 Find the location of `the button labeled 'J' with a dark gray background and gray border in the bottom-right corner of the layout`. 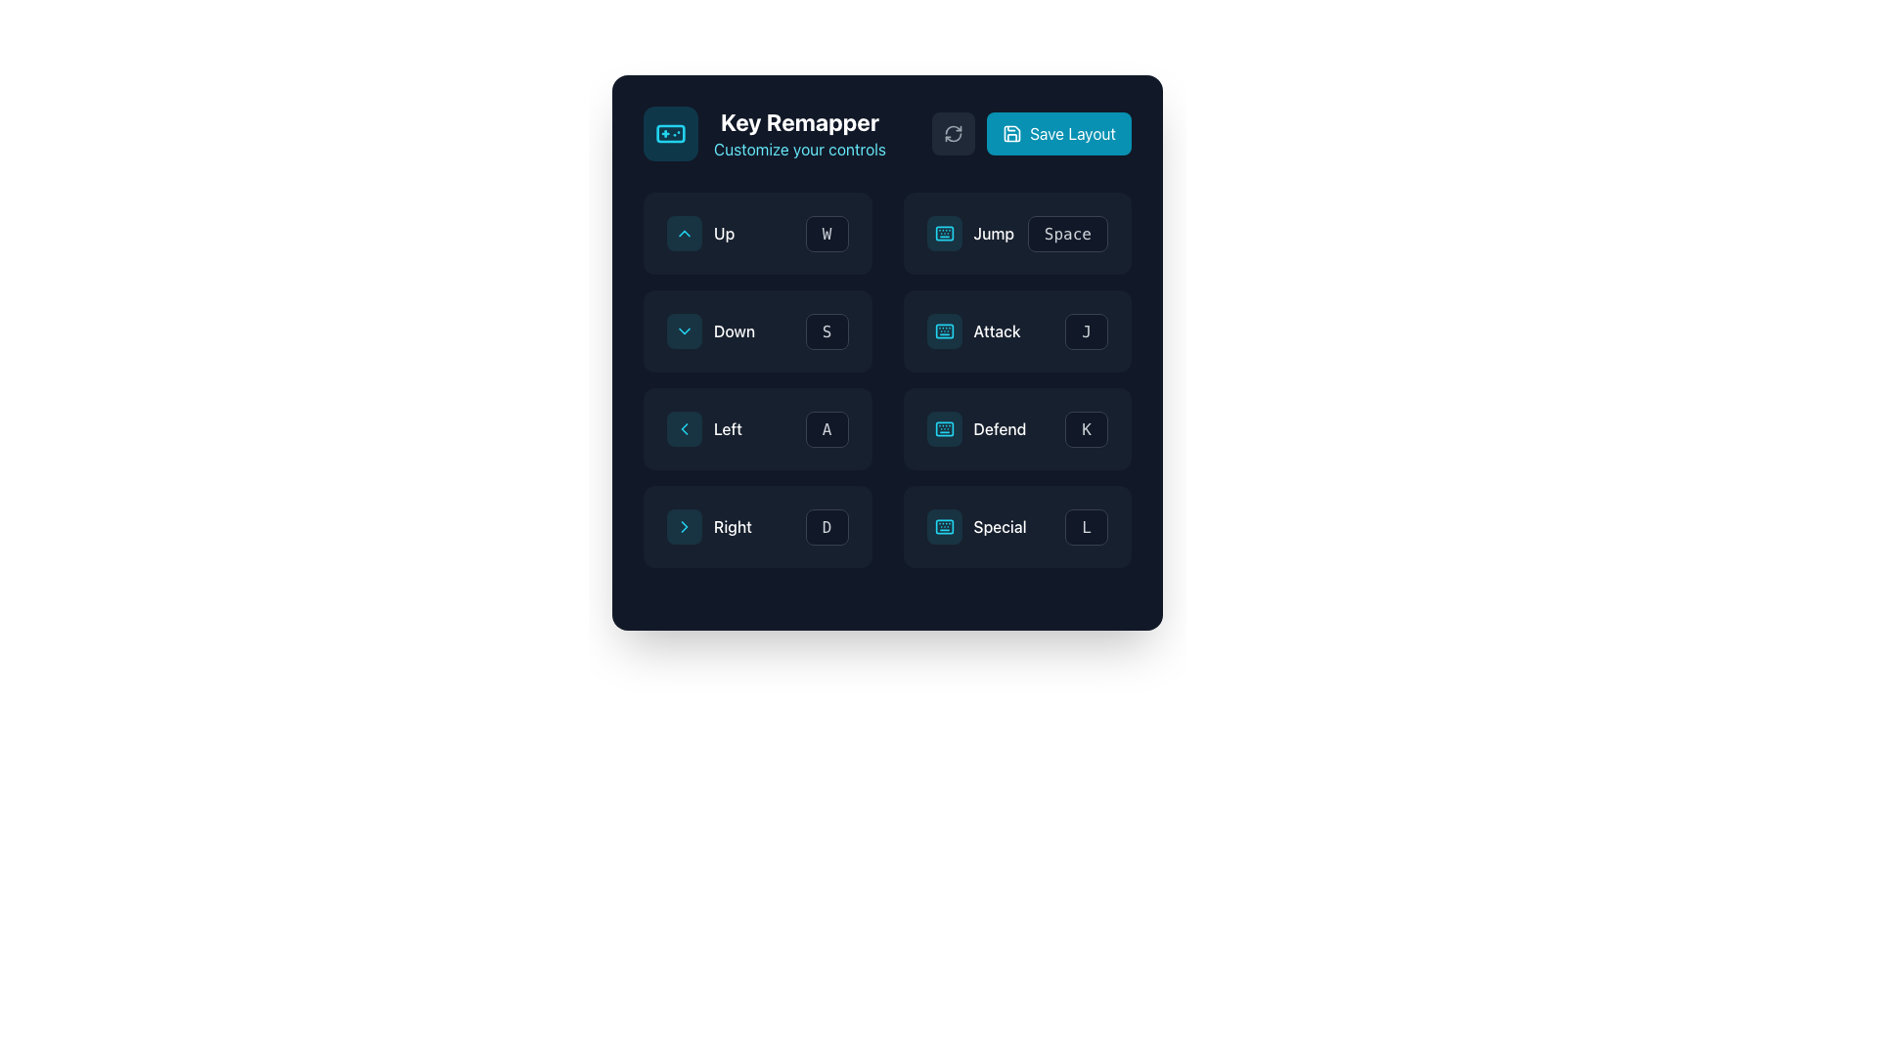

the button labeled 'J' with a dark gray background and gray border in the bottom-right corner of the layout is located at coordinates (1085, 330).